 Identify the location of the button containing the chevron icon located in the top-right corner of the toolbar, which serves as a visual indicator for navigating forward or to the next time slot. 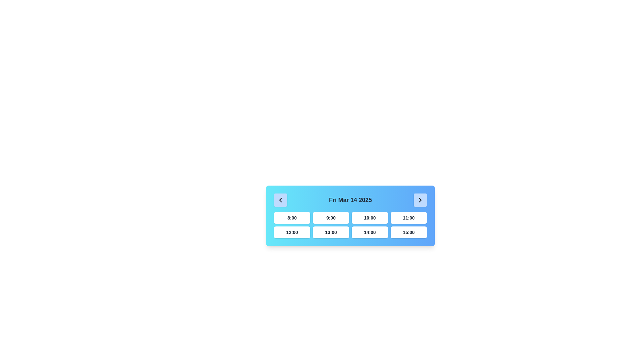
(419, 199).